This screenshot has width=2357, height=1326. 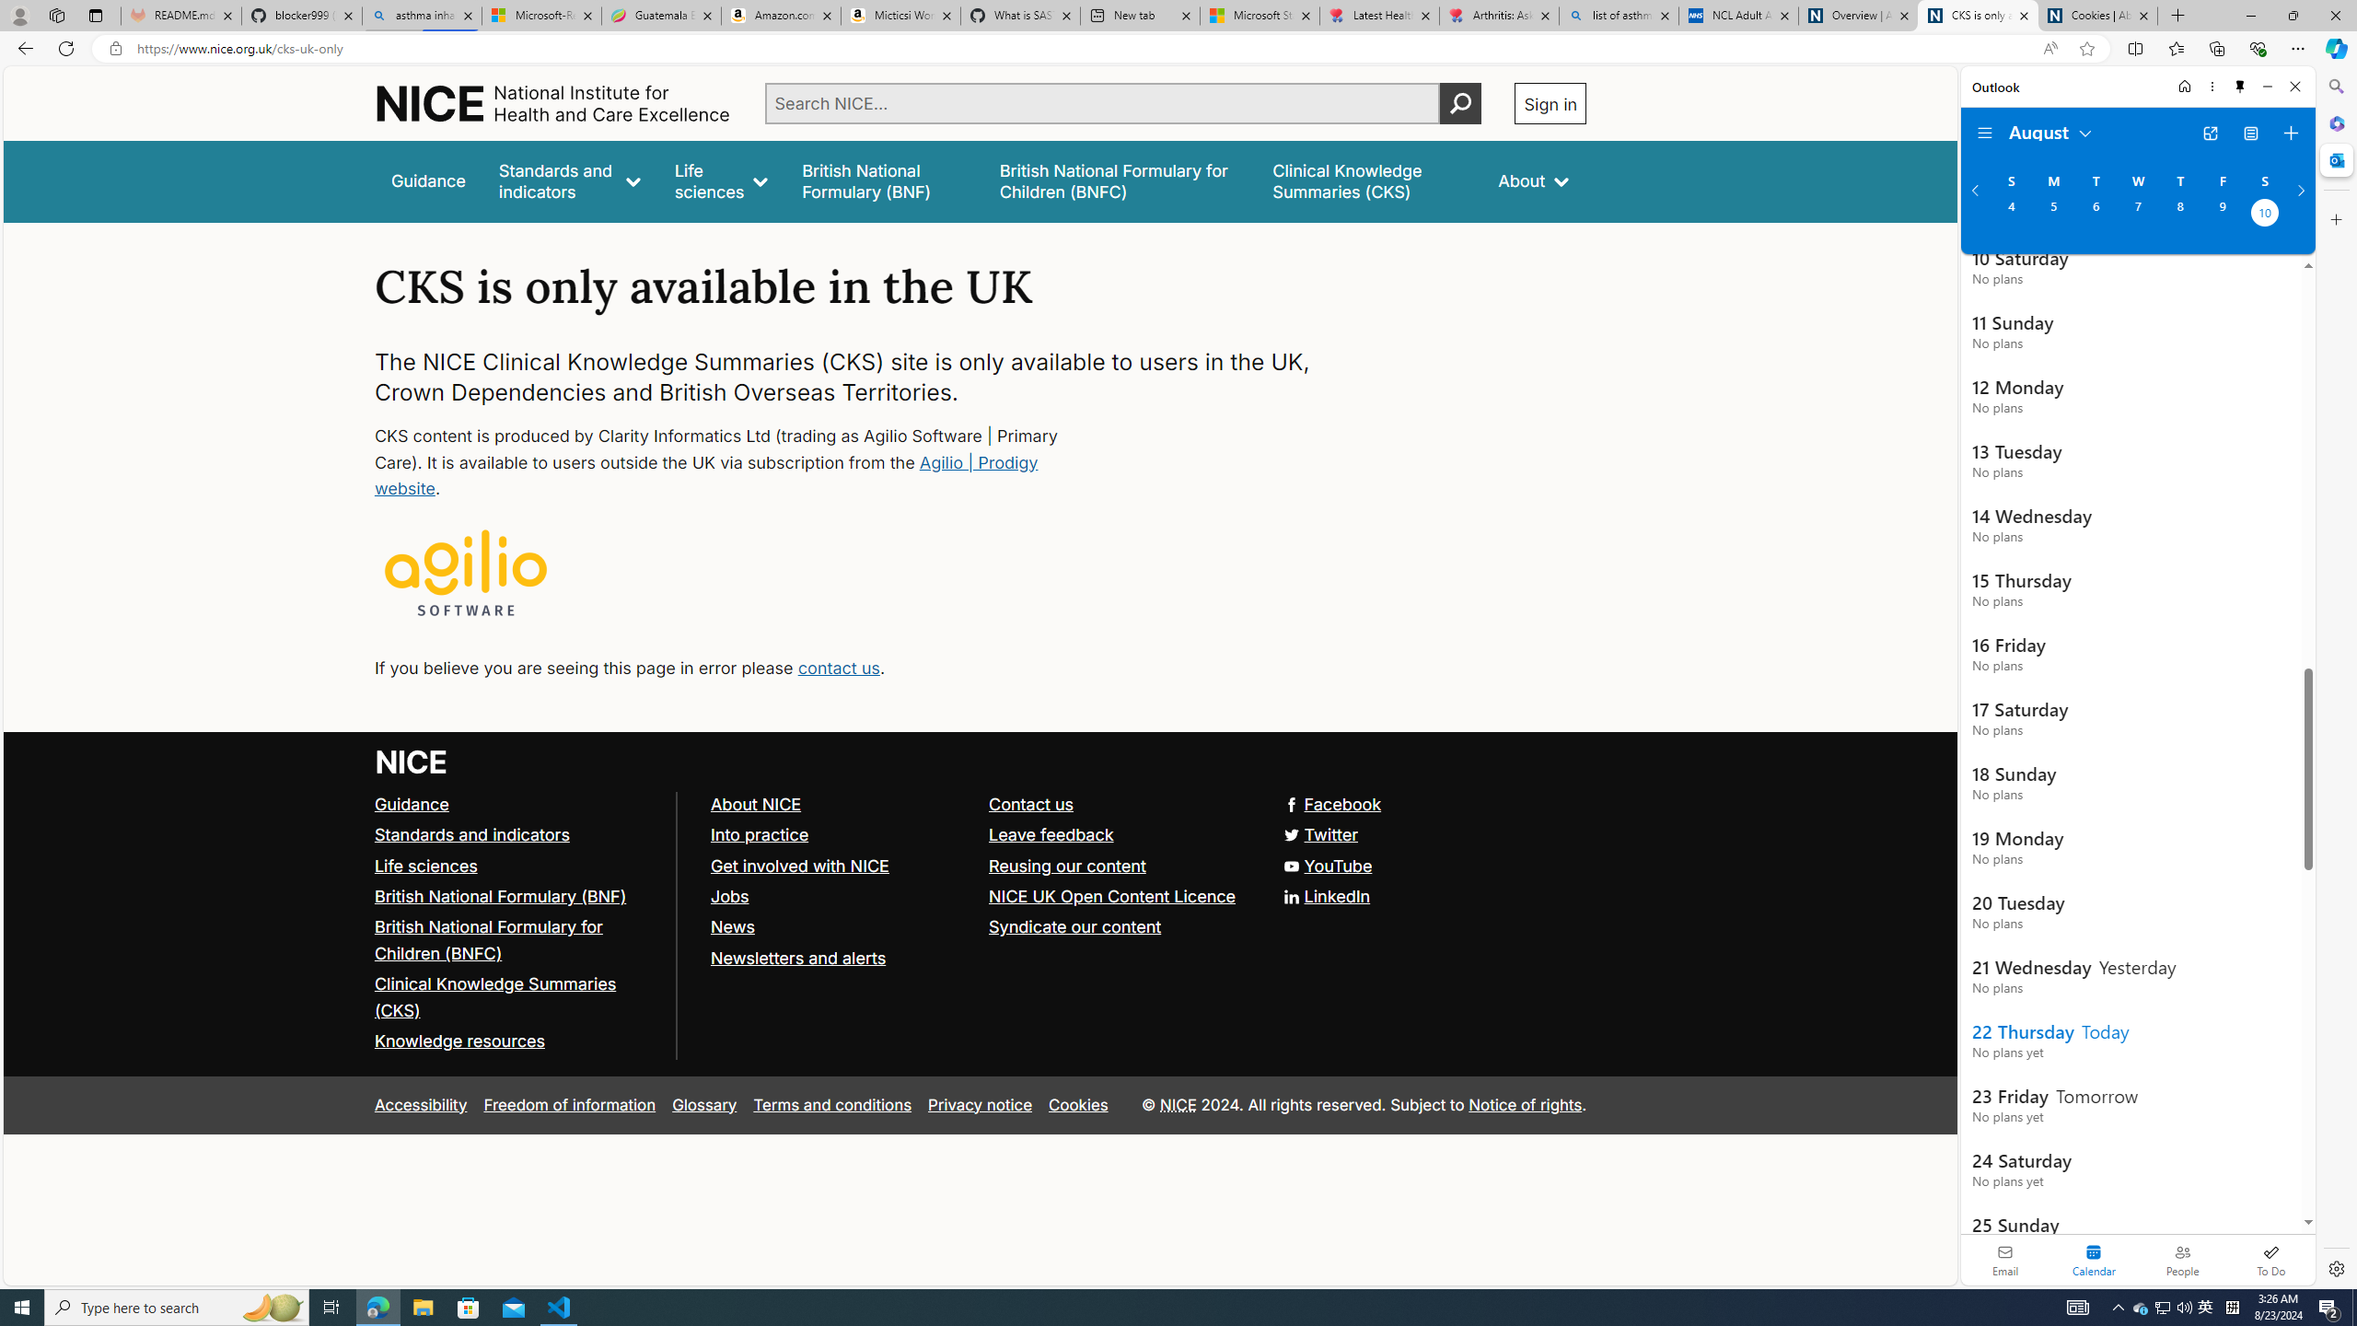 What do you see at coordinates (1074, 925) in the screenshot?
I see `'Syndicate our content'` at bounding box center [1074, 925].